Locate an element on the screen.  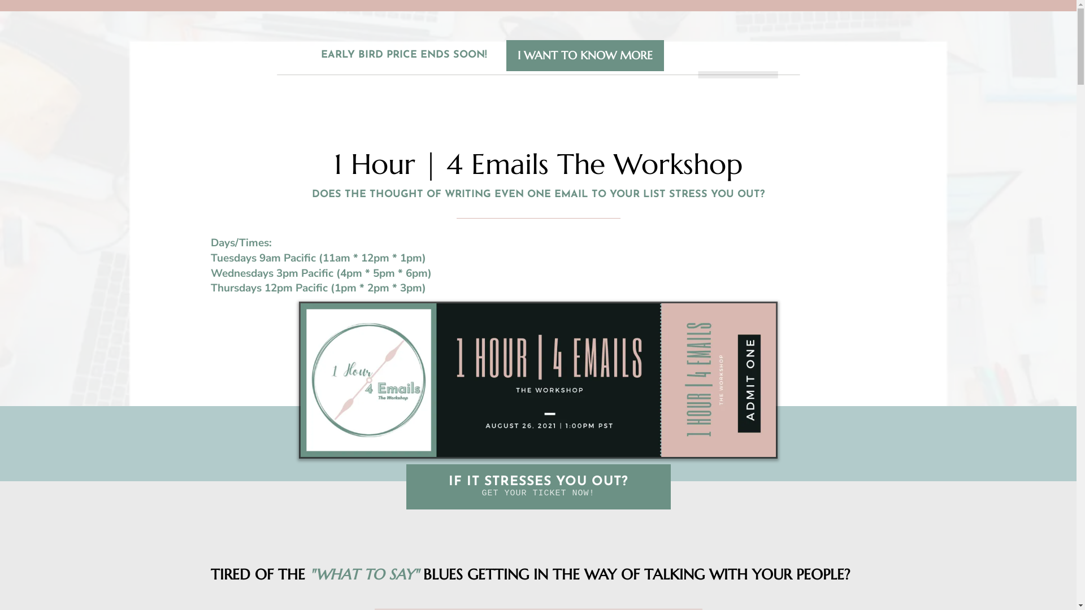
'IF IT STRESSES YOU OUT? is located at coordinates (537, 486).